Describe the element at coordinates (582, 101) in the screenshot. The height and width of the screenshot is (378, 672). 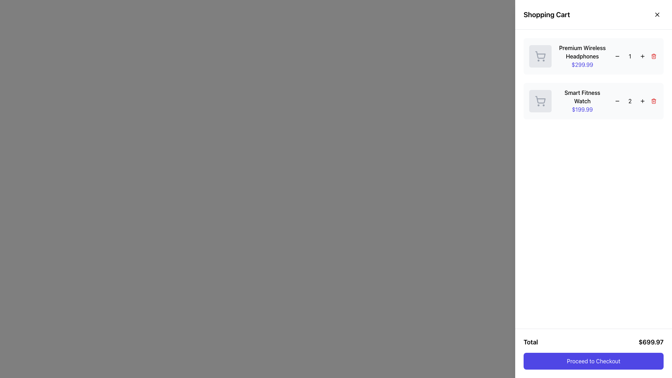
I see `text displayed in the product label for 'Smart Fitness Watch' showing its name and price in a shopping cart interface` at that location.